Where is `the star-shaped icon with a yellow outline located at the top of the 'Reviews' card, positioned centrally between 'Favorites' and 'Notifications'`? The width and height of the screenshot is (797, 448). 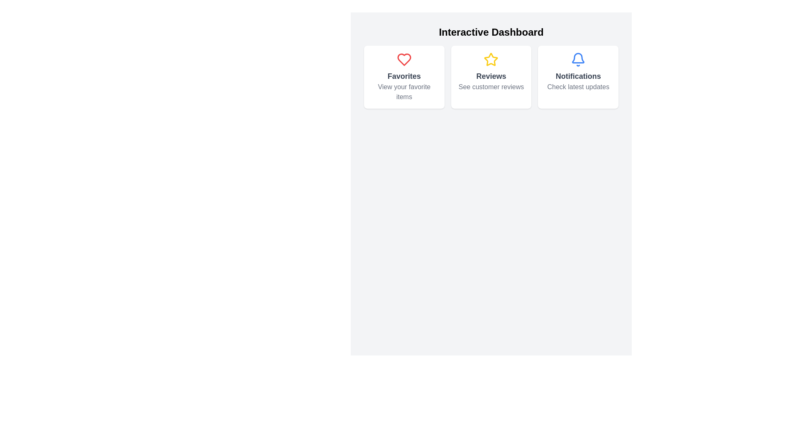 the star-shaped icon with a yellow outline located at the top of the 'Reviews' card, positioned centrally between 'Favorites' and 'Notifications' is located at coordinates (491, 59).